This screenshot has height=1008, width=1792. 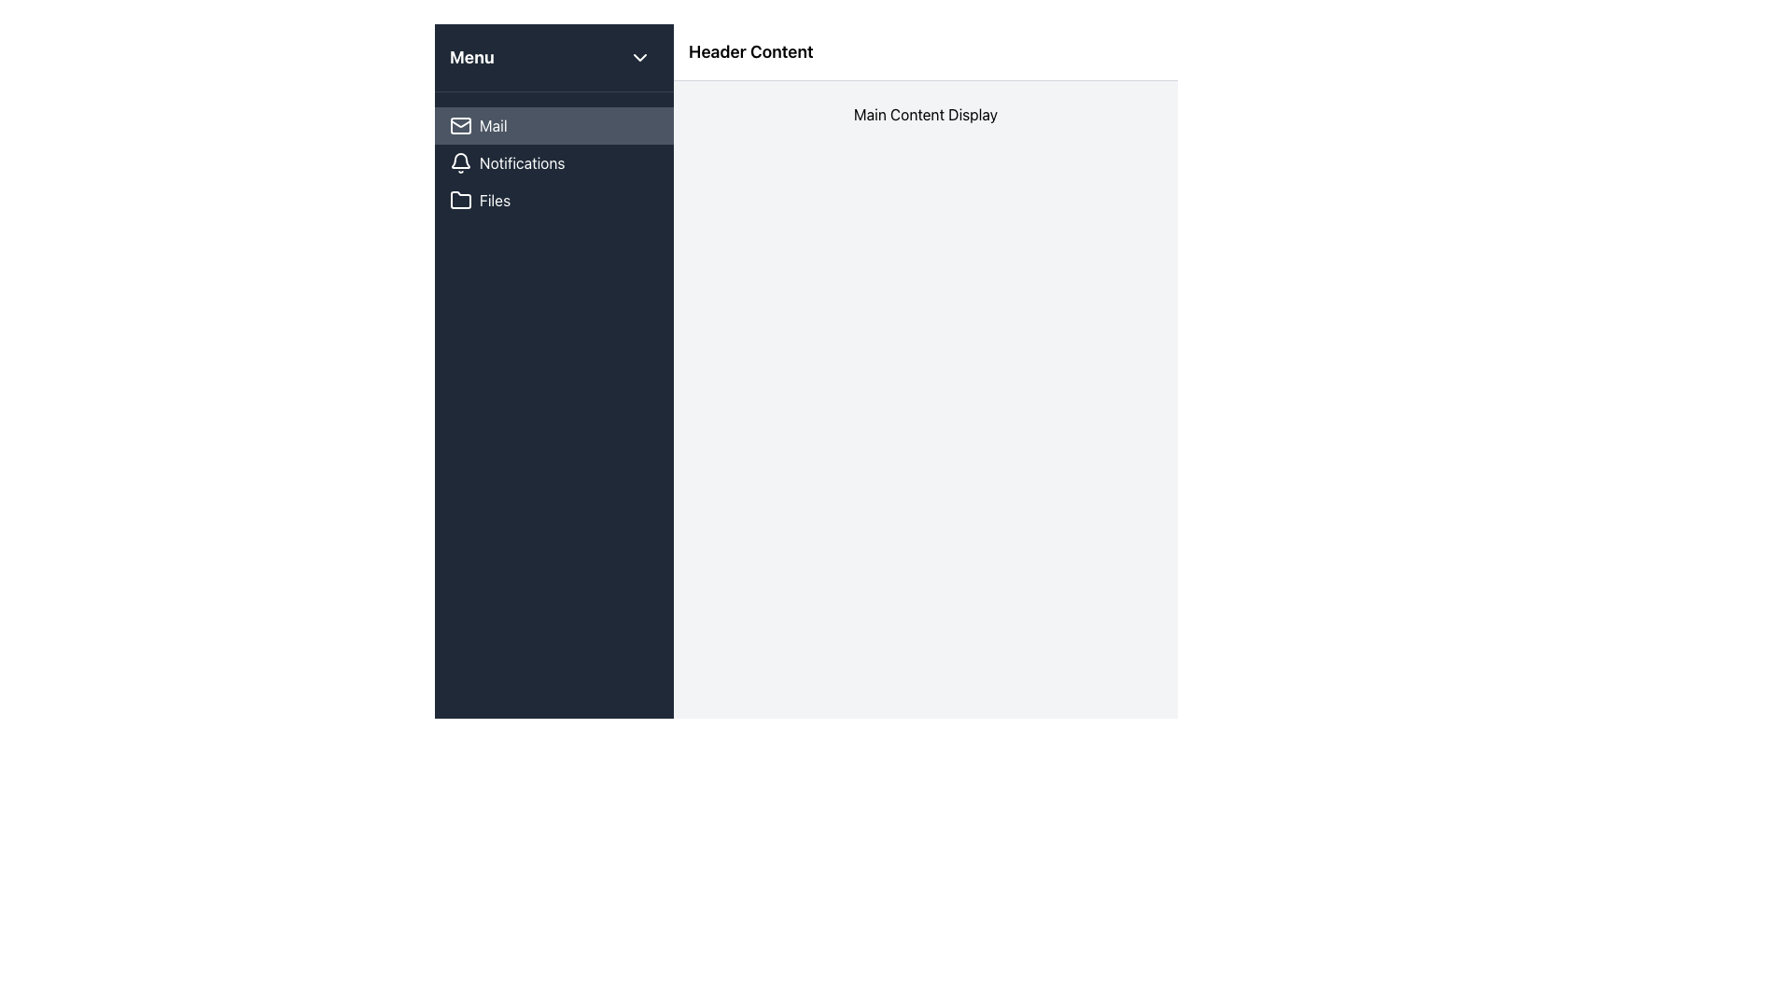 What do you see at coordinates (461, 201) in the screenshot?
I see `the folder icon located within the 'Files' menu option in the vertical navigation bar, positioned below the 'Notifications' menu item` at bounding box center [461, 201].